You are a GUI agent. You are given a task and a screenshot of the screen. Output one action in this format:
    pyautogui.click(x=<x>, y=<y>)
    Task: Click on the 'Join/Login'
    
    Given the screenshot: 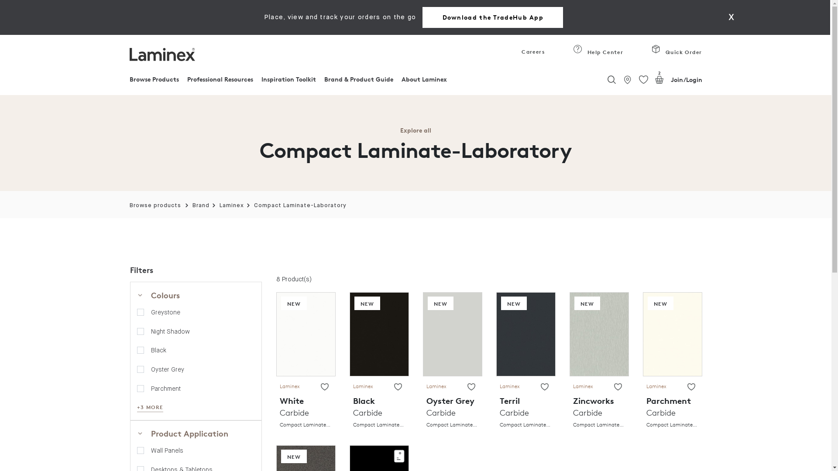 What is the action you would take?
    pyautogui.click(x=670, y=79)
    